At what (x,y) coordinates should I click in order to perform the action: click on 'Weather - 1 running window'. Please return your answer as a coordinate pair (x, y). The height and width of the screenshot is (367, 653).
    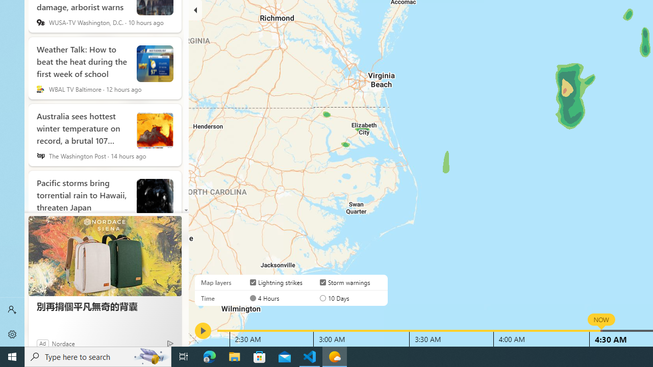
    Looking at the image, I should click on (335, 356).